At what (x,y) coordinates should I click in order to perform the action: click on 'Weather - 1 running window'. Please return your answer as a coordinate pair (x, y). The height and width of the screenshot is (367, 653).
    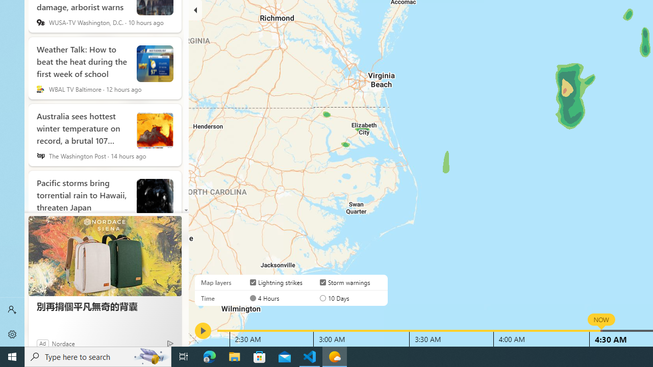
    Looking at the image, I should click on (335, 356).